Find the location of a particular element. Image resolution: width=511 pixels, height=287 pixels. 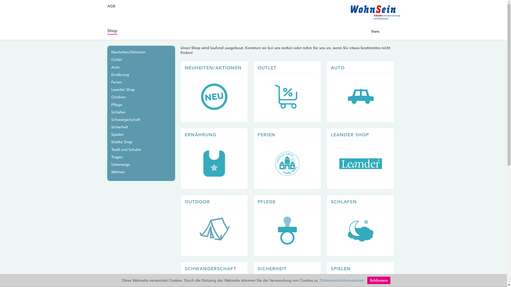

'Spielen' is located at coordinates (117, 134).